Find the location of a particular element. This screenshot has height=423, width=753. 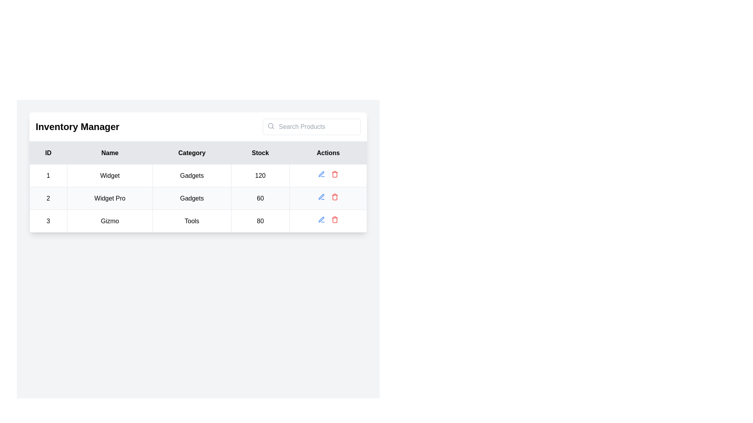

text content of the static table cell displaying the ID of the table entry located at the leftmost column of the second row is located at coordinates (48, 198).